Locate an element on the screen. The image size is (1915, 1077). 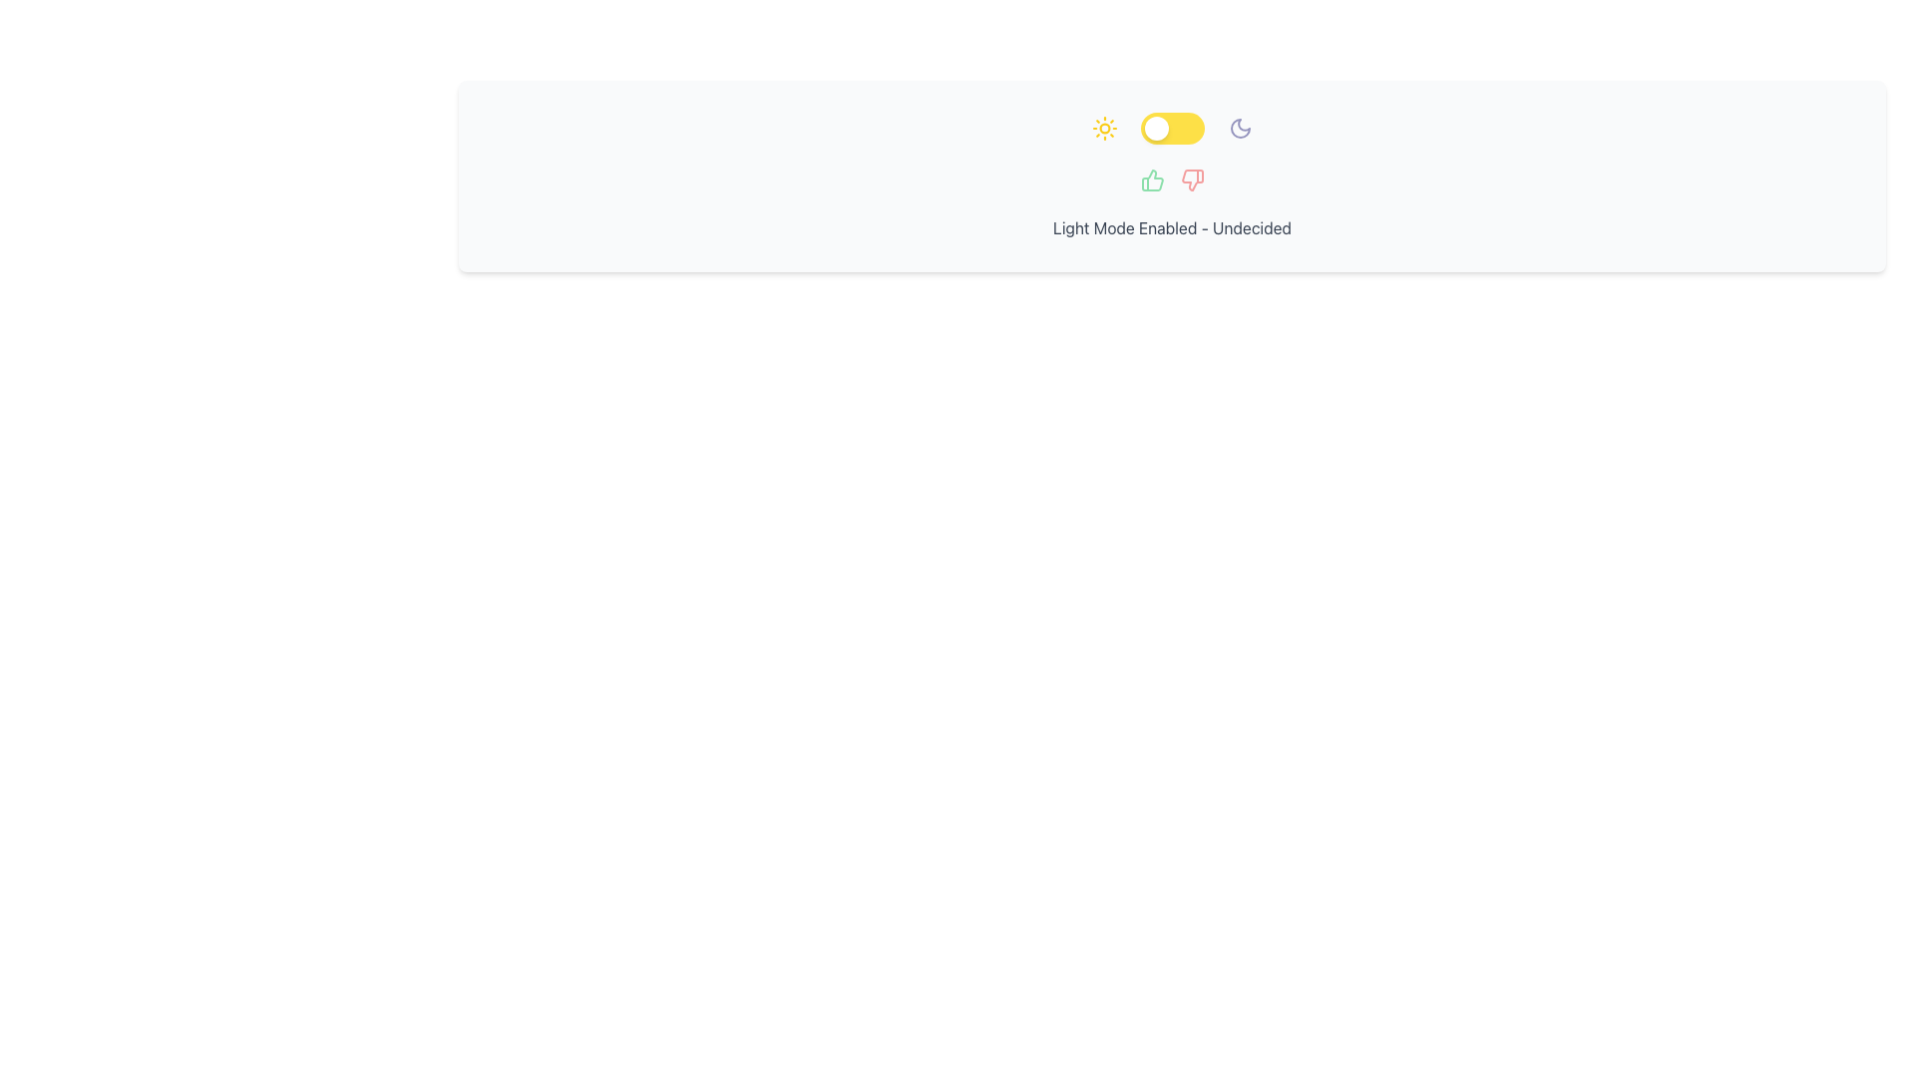
the approval Icon button located in the horizontal toolbar at the top of the interface is located at coordinates (1152, 180).